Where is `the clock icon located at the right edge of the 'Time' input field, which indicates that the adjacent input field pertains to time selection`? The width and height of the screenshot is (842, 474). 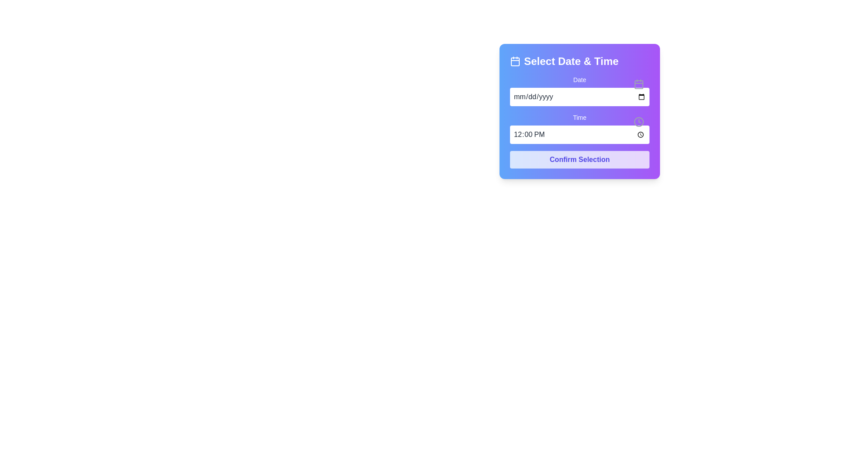 the clock icon located at the right edge of the 'Time' input field, which indicates that the adjacent input field pertains to time selection is located at coordinates (639, 122).